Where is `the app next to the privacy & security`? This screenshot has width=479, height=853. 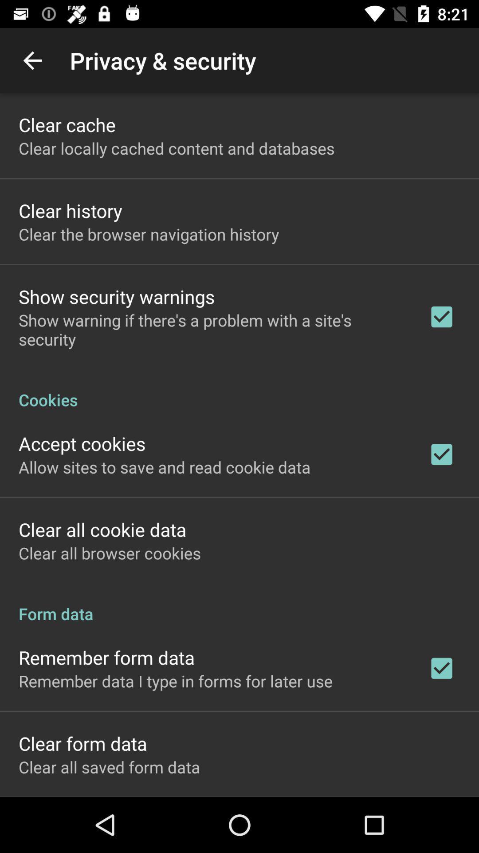
the app next to the privacy & security is located at coordinates (32, 60).